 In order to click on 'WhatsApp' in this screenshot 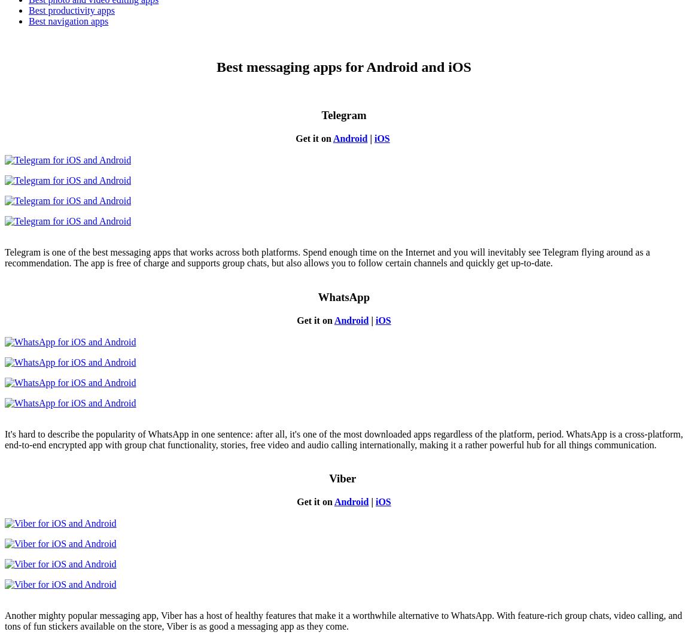, I will do `click(343, 296)`.